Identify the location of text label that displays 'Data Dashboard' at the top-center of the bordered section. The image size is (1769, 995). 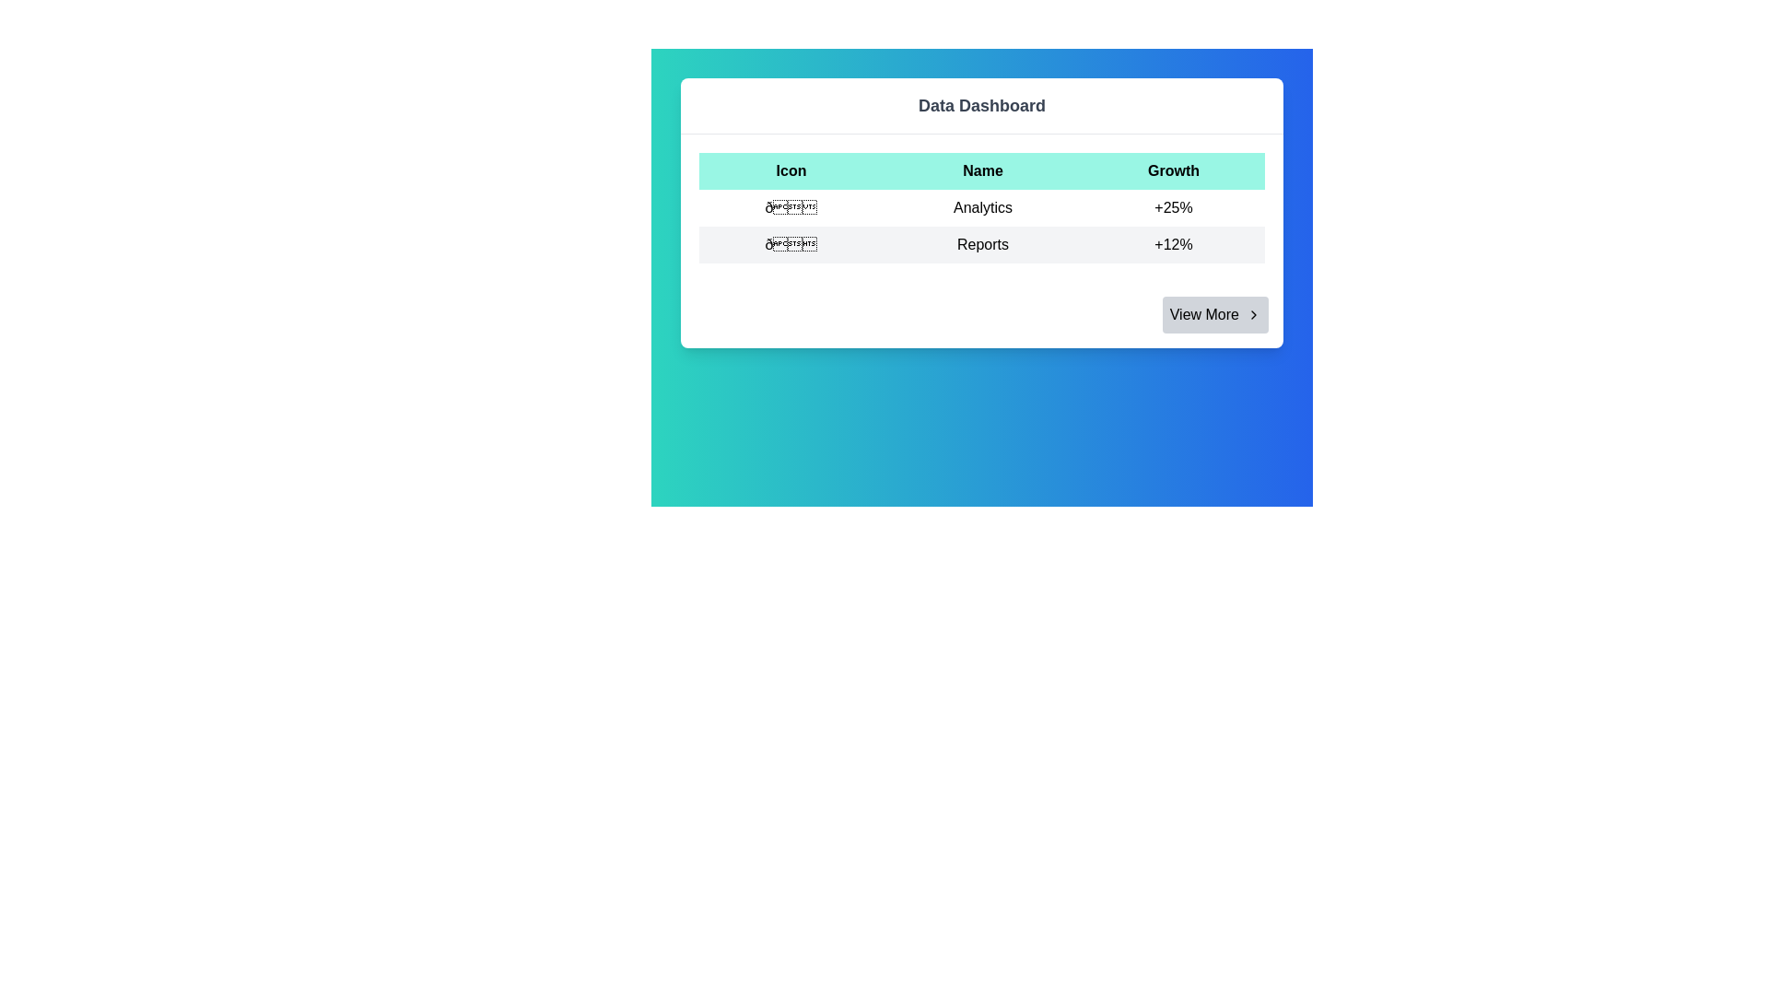
(980, 106).